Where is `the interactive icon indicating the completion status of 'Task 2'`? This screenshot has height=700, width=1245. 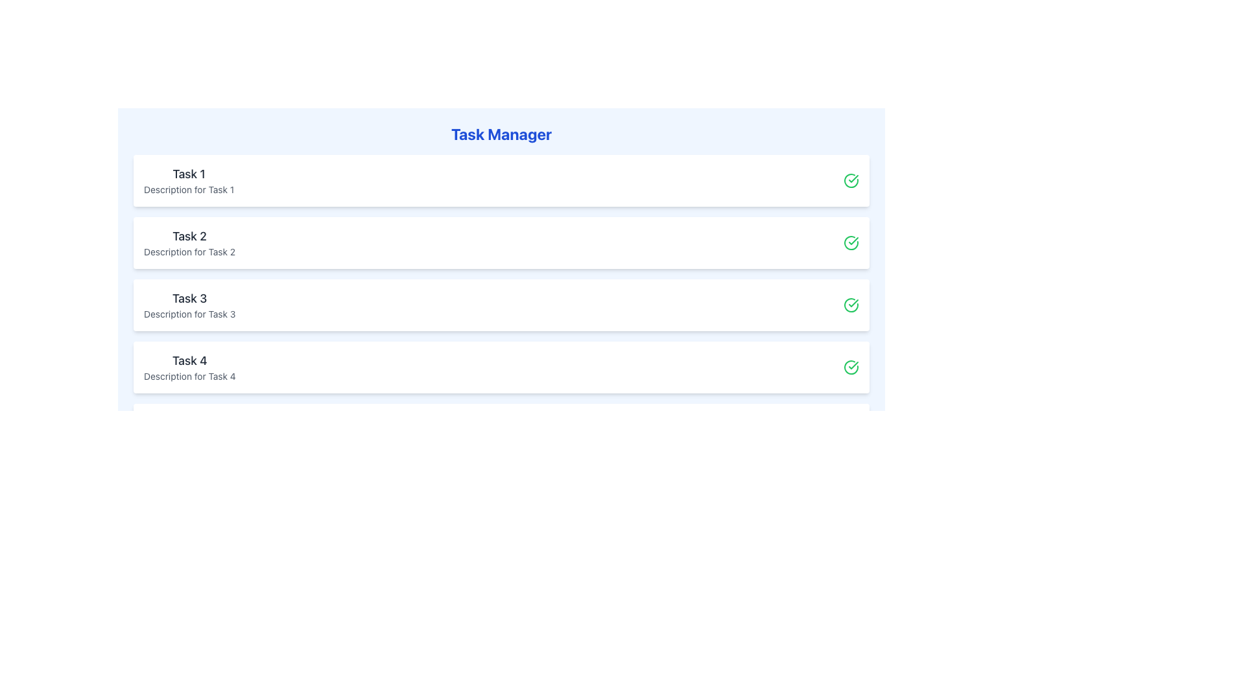
the interactive icon indicating the completion status of 'Task 2' is located at coordinates (851, 242).